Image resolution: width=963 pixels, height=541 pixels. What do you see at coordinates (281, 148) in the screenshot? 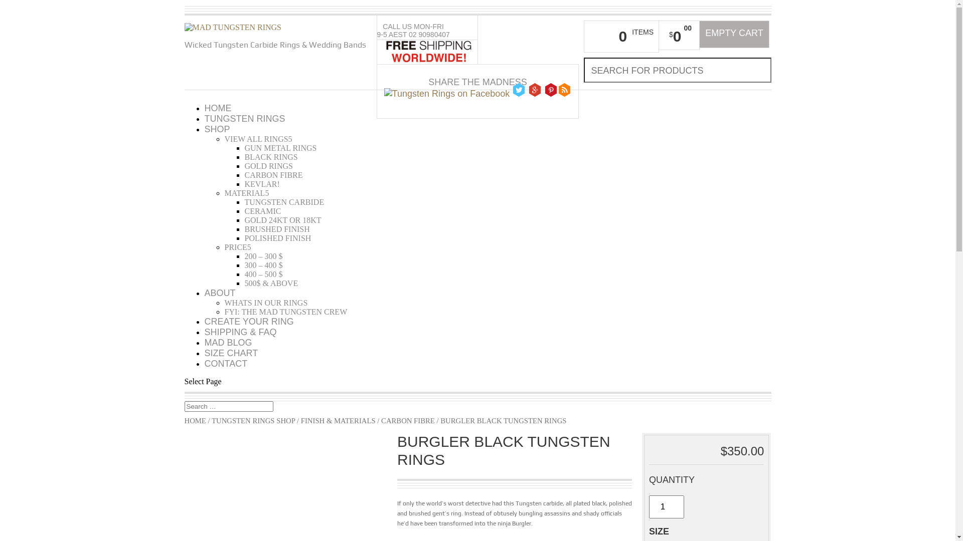
I see `'GUN METAL RINGS'` at bounding box center [281, 148].